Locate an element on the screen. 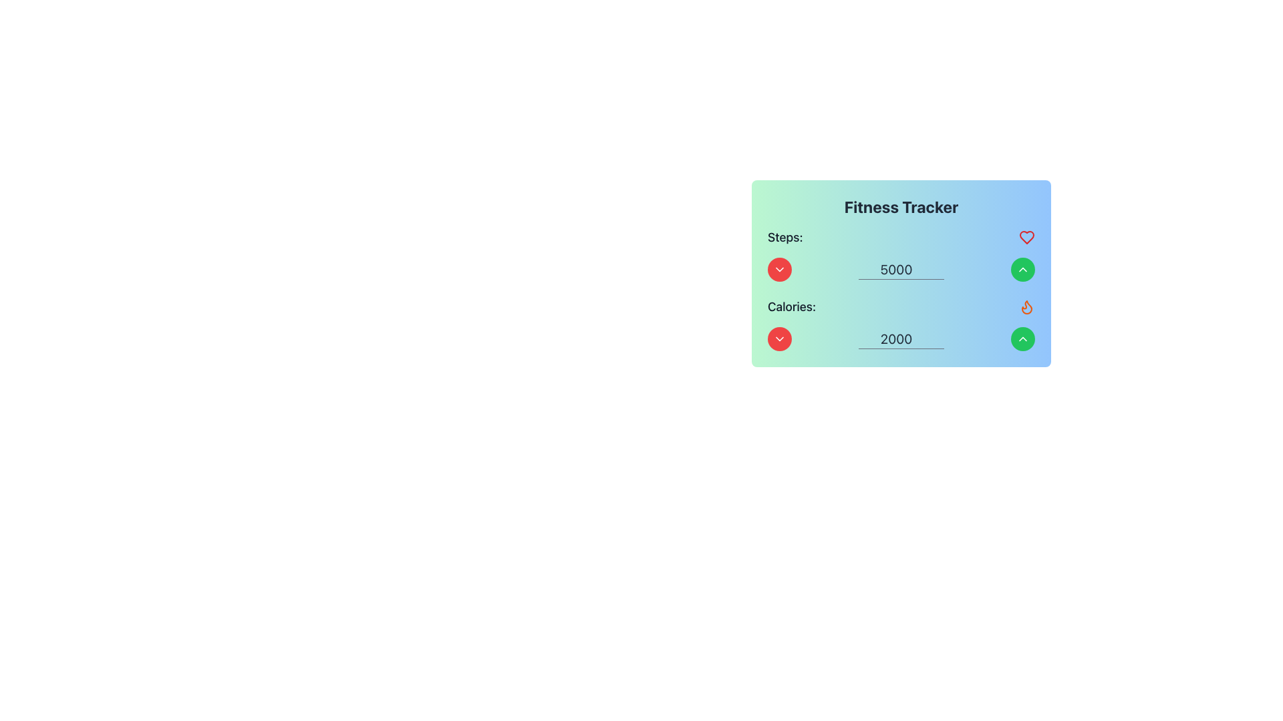 The image size is (1283, 721). the decorative icon that signifies the calories-related row, located to the far right of the 'Calories:' text is located at coordinates (1026, 306).